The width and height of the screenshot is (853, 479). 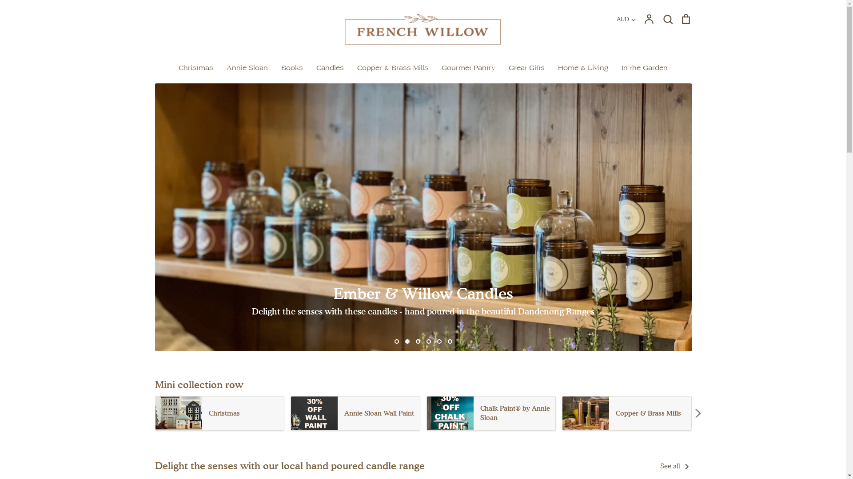 I want to click on 'Delight the senses with our local hand poured candle range', so click(x=289, y=465).